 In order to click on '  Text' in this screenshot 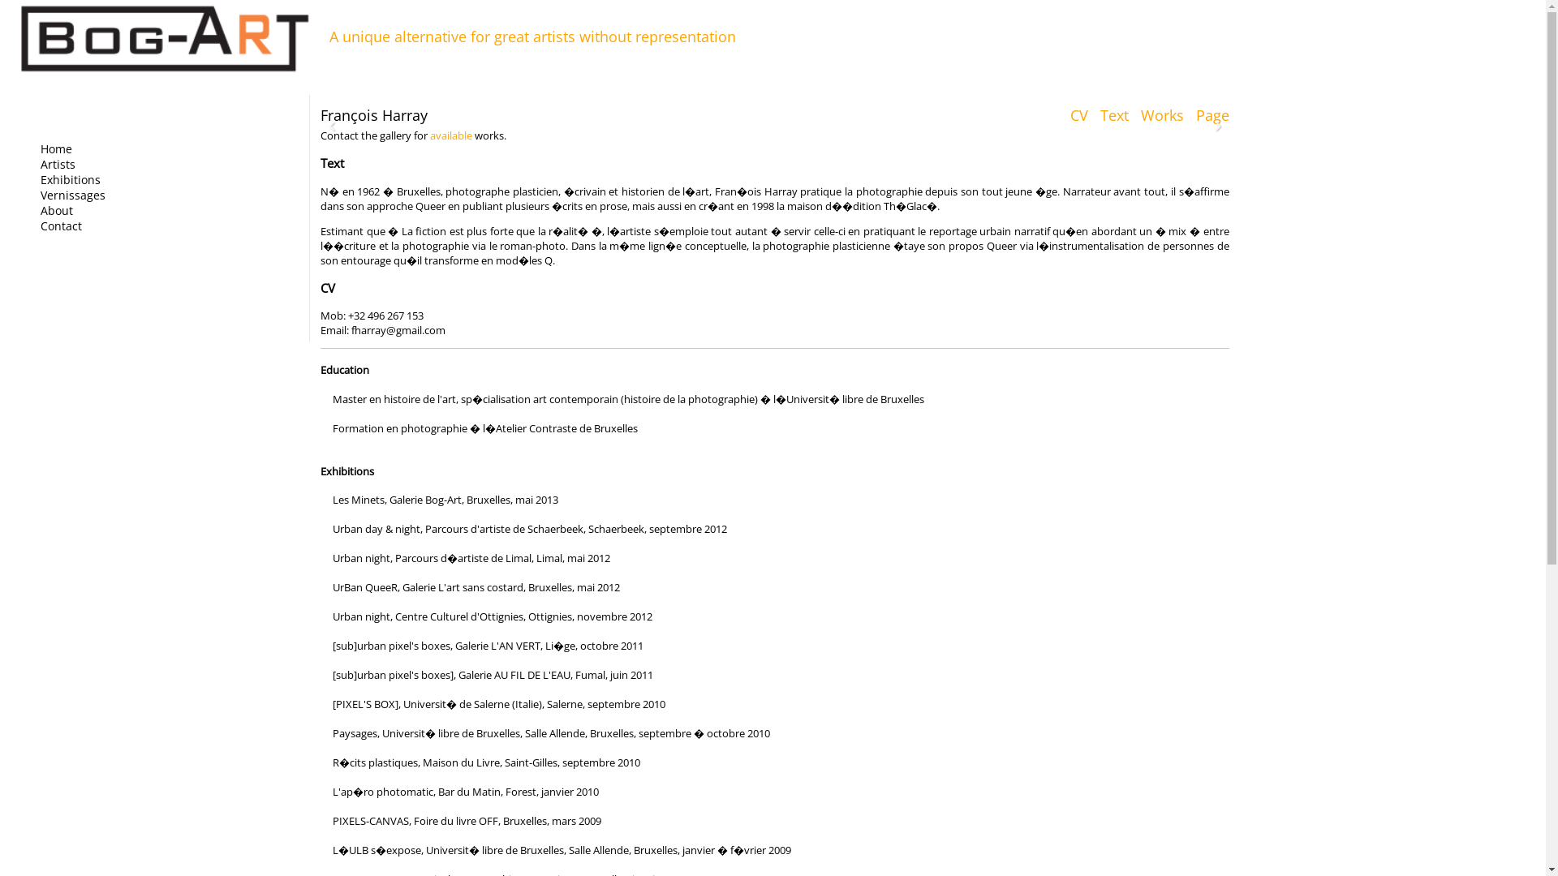, I will do `click(1109, 114)`.